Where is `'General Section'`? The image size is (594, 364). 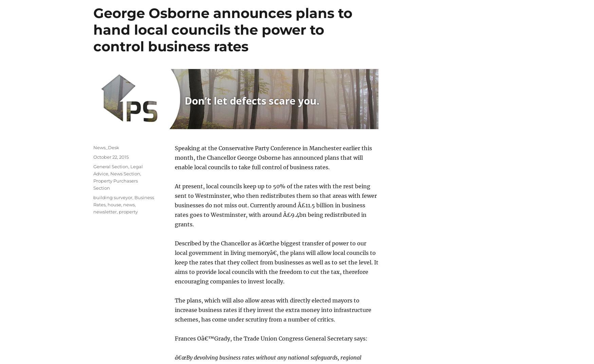
'General Section' is located at coordinates (111, 166).